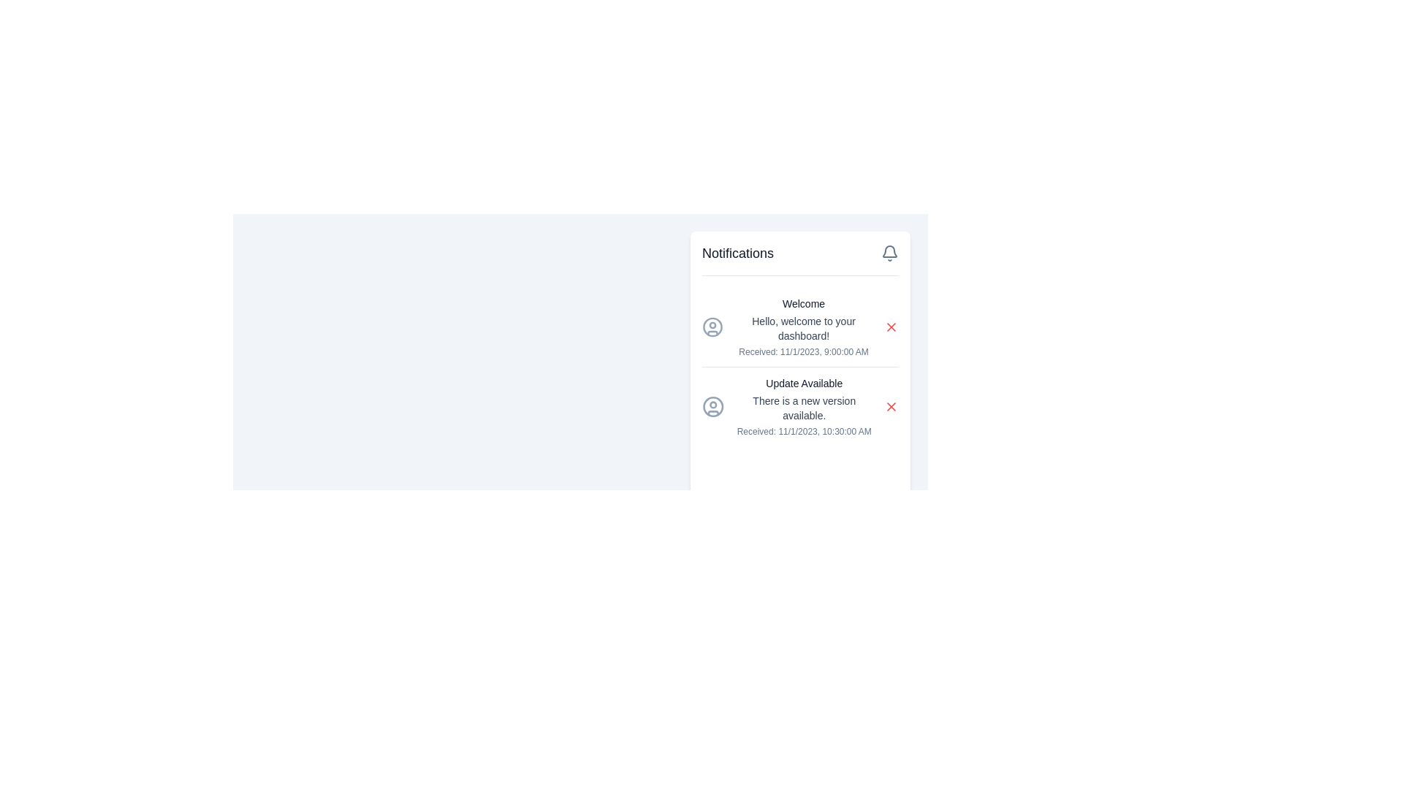 This screenshot has height=789, width=1403. Describe the element at coordinates (713, 406) in the screenshot. I see `the user profile icon located at the left side of the second notification titled 'Update Available'` at that location.